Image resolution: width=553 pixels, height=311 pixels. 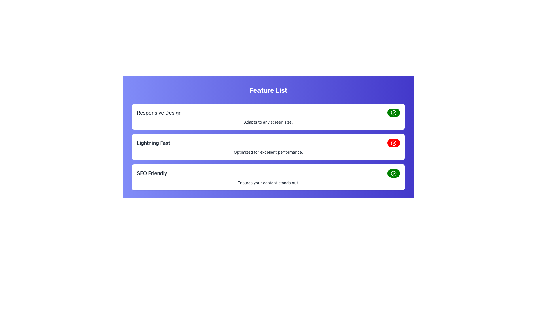 What do you see at coordinates (152, 173) in the screenshot?
I see `the 'SEO Friendly' text label which describes a feature` at bounding box center [152, 173].